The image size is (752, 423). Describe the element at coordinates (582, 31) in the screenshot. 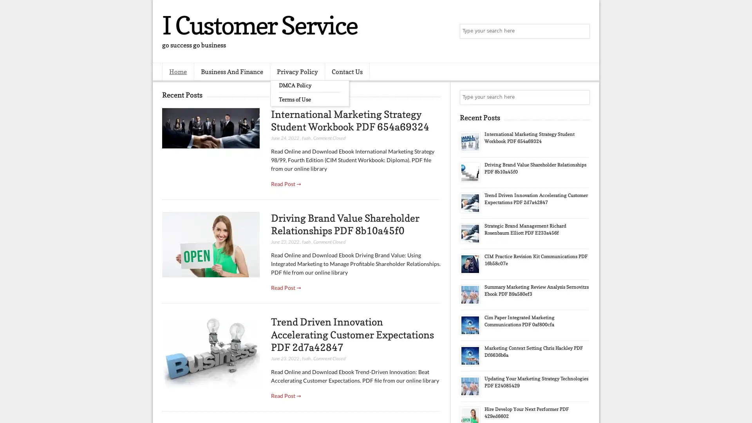

I see `Search` at that location.